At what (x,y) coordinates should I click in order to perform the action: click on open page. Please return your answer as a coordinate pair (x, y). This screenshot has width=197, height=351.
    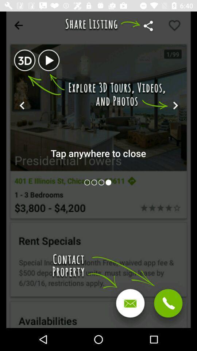
    Looking at the image, I should click on (101, 182).